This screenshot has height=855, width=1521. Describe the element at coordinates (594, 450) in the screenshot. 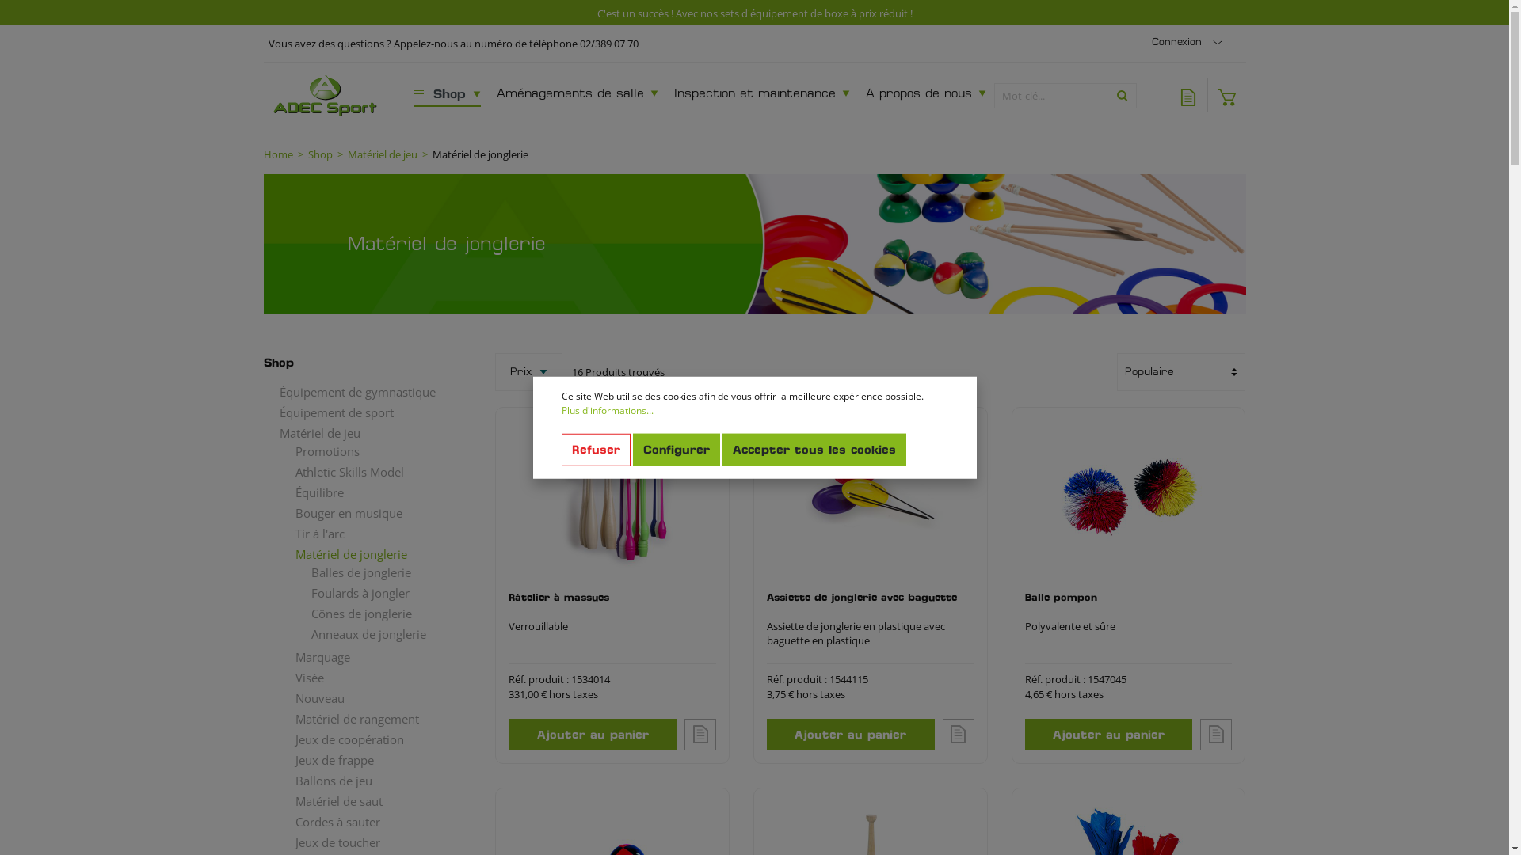

I see `'Refuser'` at that location.